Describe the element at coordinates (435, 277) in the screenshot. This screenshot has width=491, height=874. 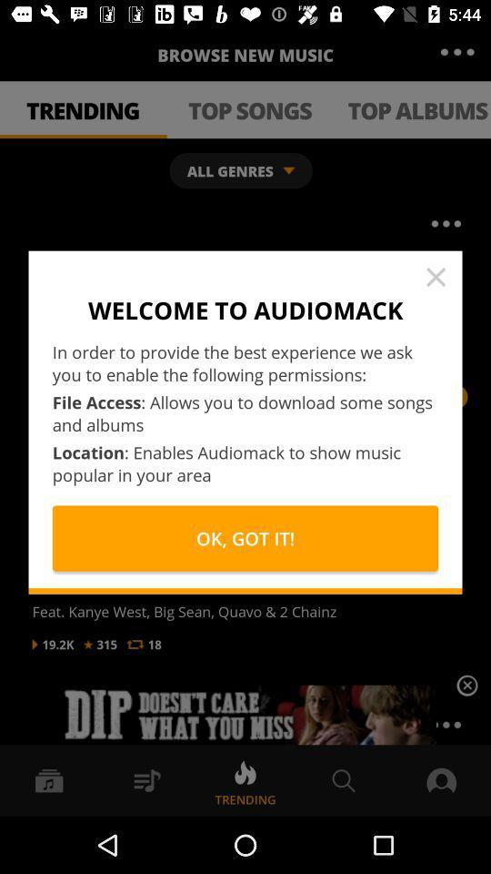
I see `the close icon` at that location.